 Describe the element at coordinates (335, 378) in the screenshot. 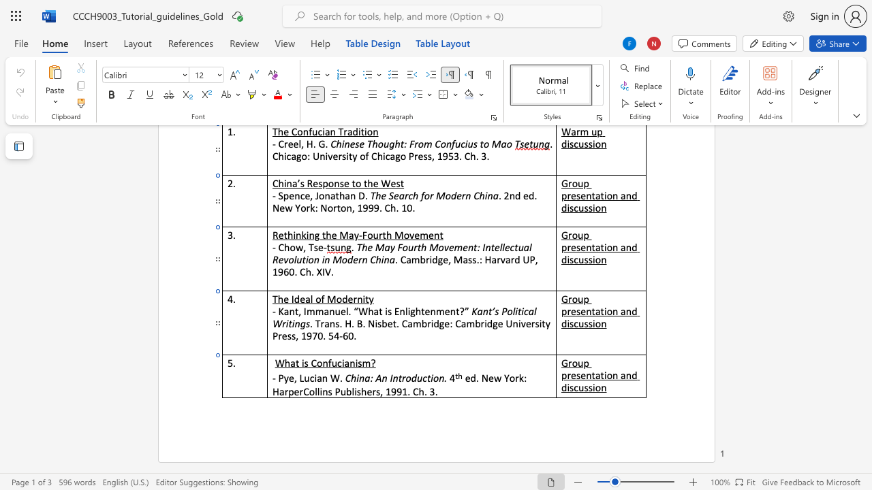

I see `the 1th character "W" in the text` at that location.